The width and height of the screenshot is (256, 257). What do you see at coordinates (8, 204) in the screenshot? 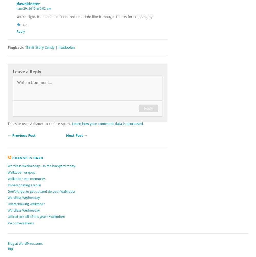
I see `'Overachieving Walktober'` at bounding box center [8, 204].